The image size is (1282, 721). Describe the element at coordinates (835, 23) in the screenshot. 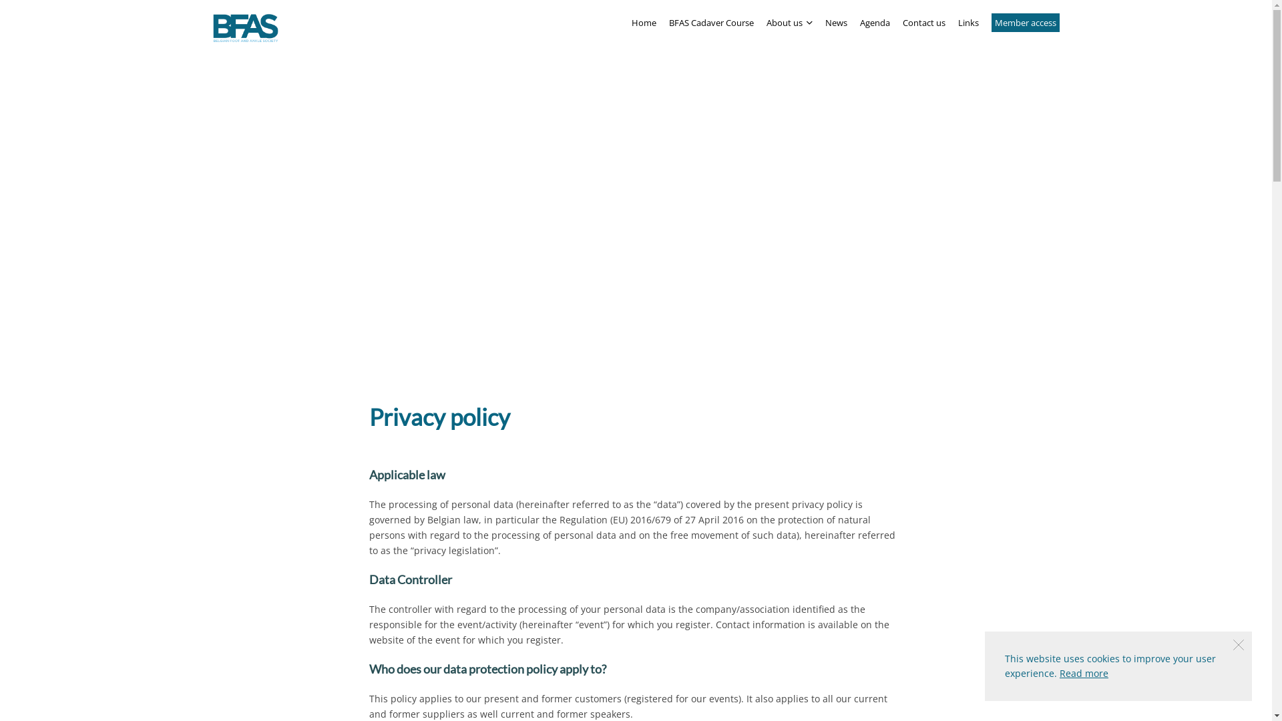

I see `'News'` at that location.